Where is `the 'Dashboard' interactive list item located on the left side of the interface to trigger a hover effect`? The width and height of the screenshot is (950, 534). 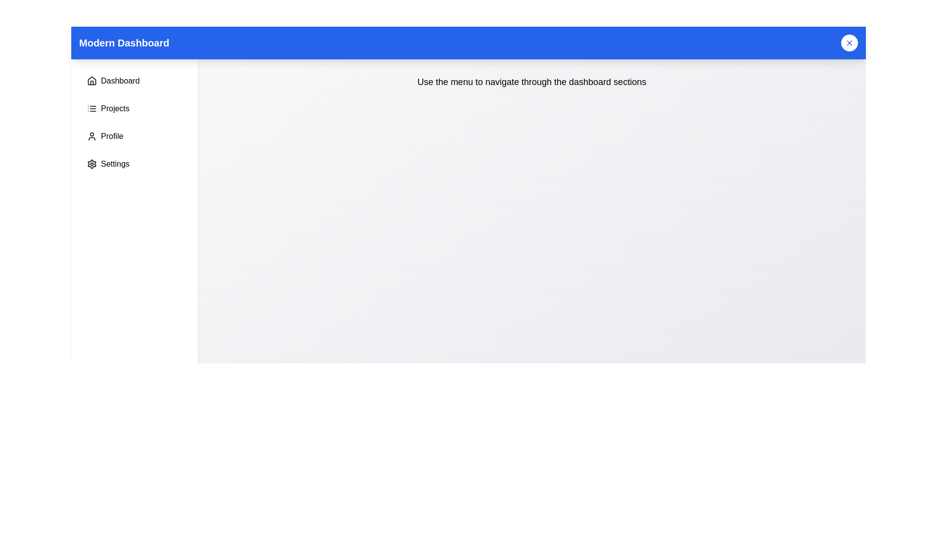
the 'Dashboard' interactive list item located on the left side of the interface to trigger a hover effect is located at coordinates (134, 81).